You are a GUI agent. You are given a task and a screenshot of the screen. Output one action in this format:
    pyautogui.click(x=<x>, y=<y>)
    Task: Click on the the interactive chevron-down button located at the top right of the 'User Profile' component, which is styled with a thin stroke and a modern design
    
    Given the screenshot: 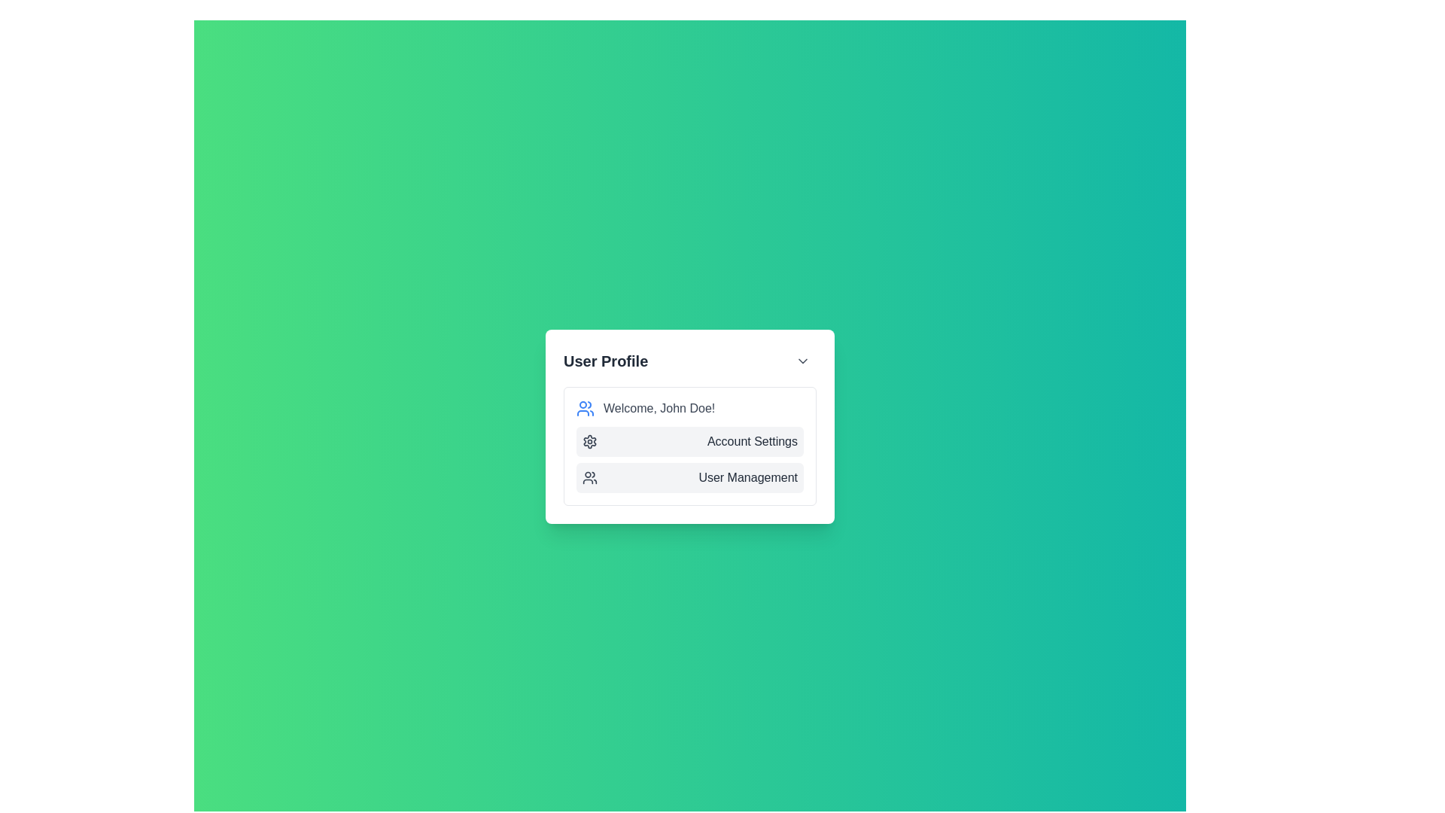 What is the action you would take?
    pyautogui.click(x=802, y=361)
    